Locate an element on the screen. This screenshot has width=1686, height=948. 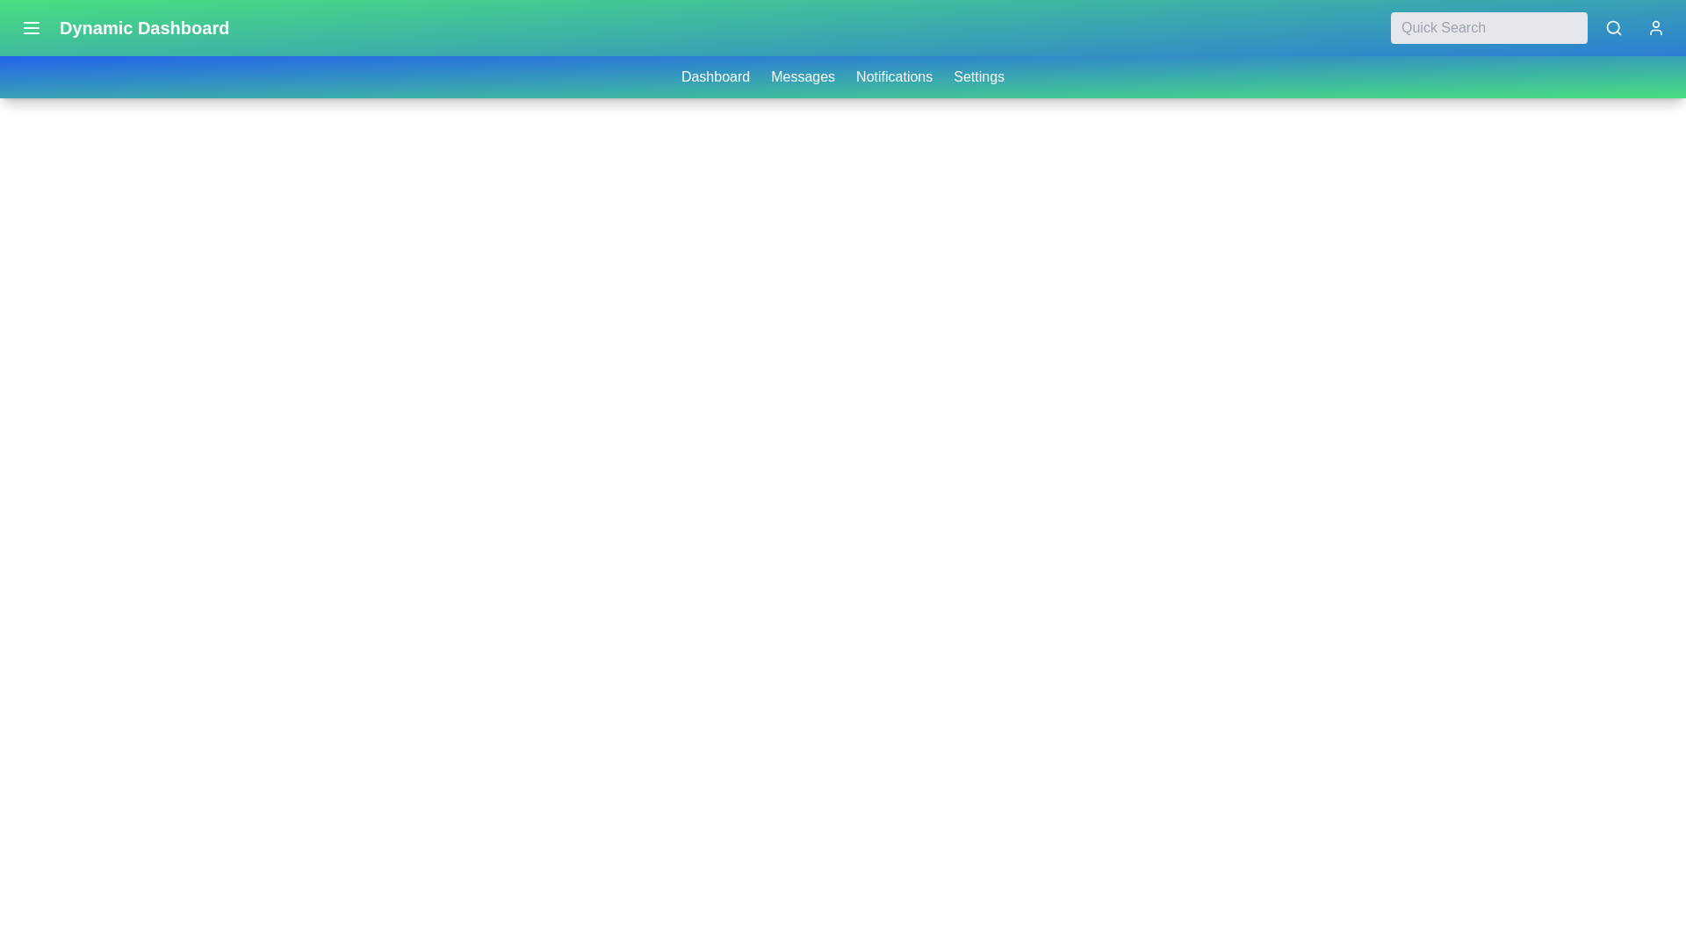
the Text Link located in the navigation bar is located at coordinates (802, 76).